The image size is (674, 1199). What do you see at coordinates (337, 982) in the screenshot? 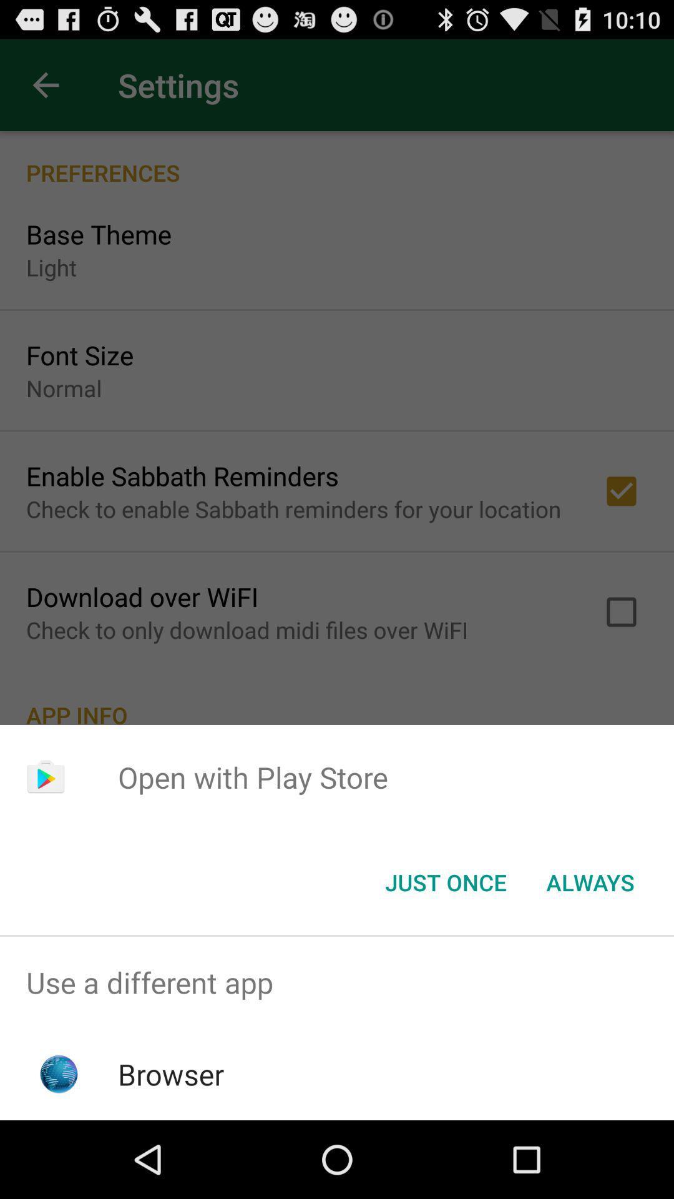
I see `the icon above the browser item` at bounding box center [337, 982].